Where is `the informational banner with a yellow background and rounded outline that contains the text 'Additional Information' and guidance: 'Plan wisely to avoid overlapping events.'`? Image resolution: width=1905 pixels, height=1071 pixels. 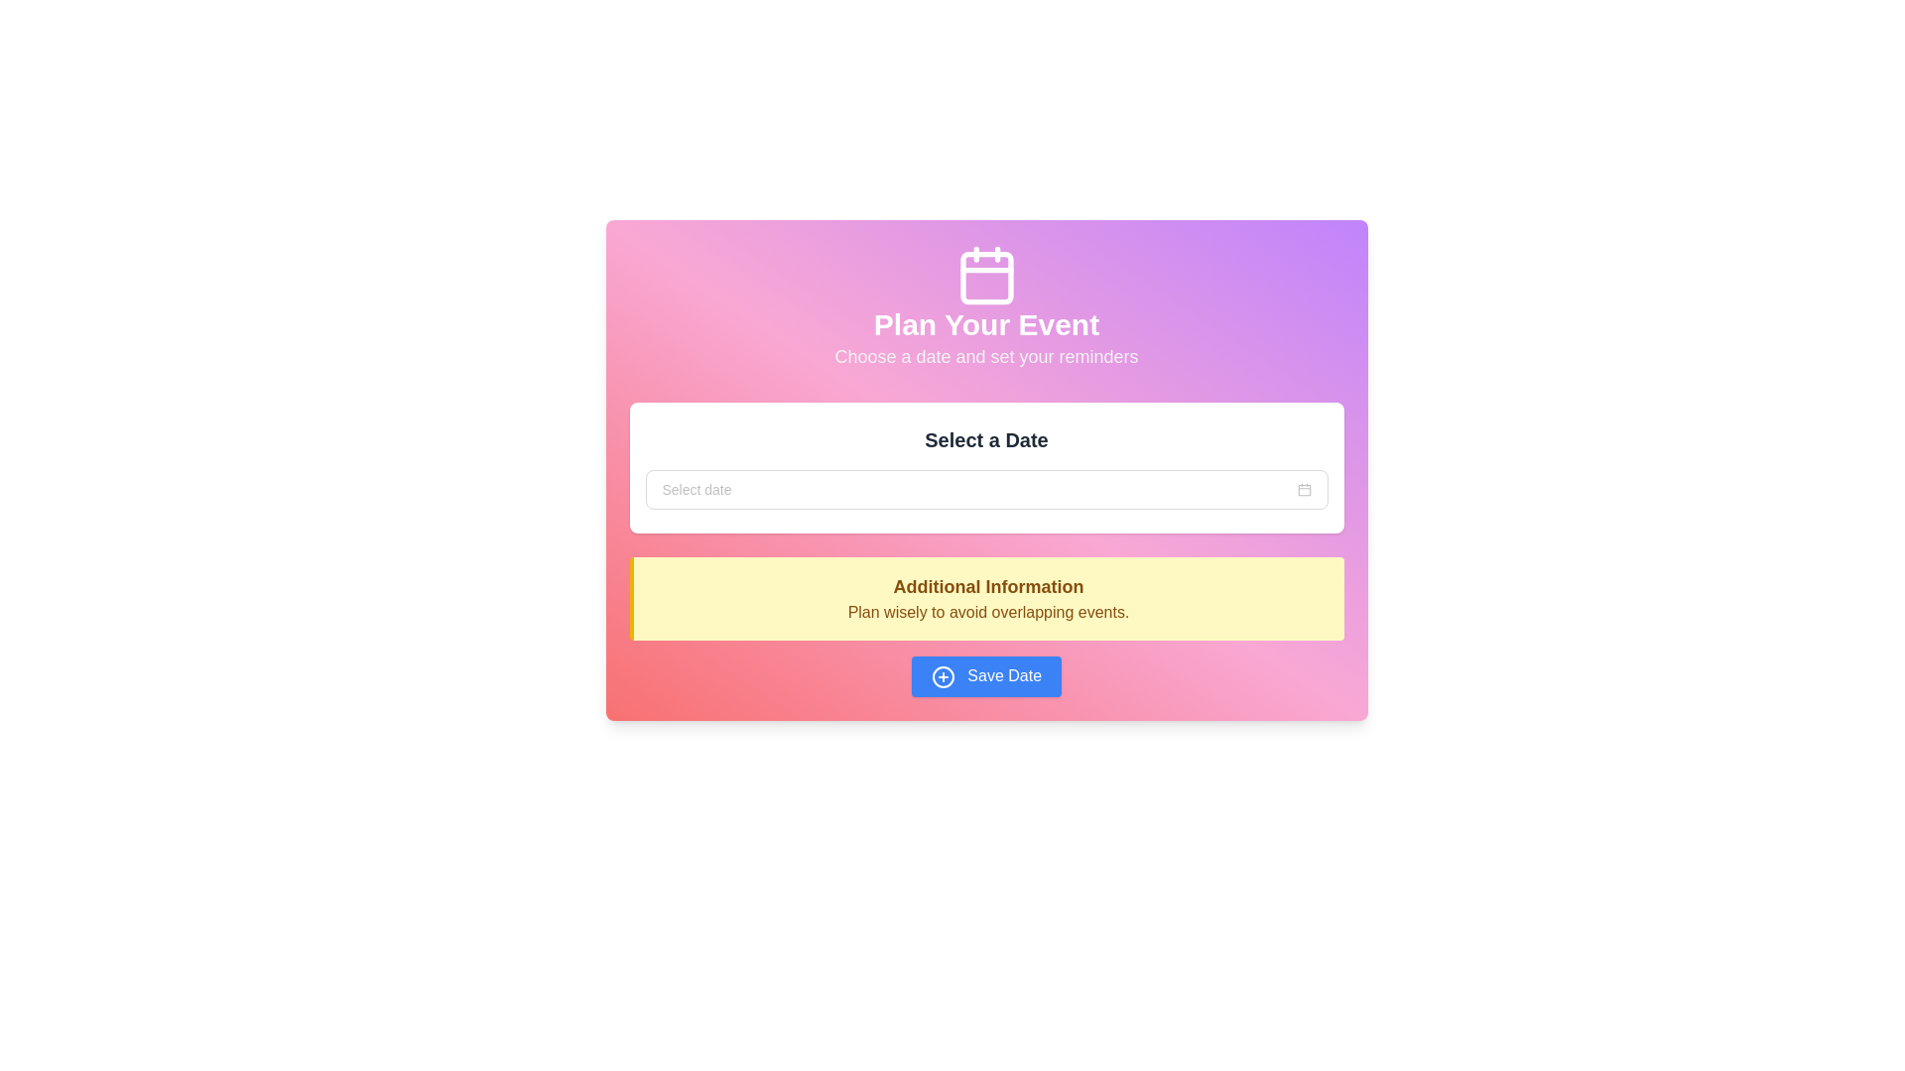
the informational banner with a yellow background and rounded outline that contains the text 'Additional Information' and guidance: 'Plan wisely to avoid overlapping events.' is located at coordinates (986, 598).